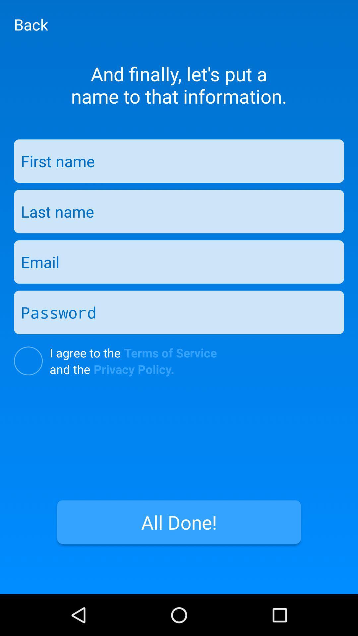 This screenshot has height=636, width=358. Describe the element at coordinates (179, 161) in the screenshot. I see `first name` at that location.